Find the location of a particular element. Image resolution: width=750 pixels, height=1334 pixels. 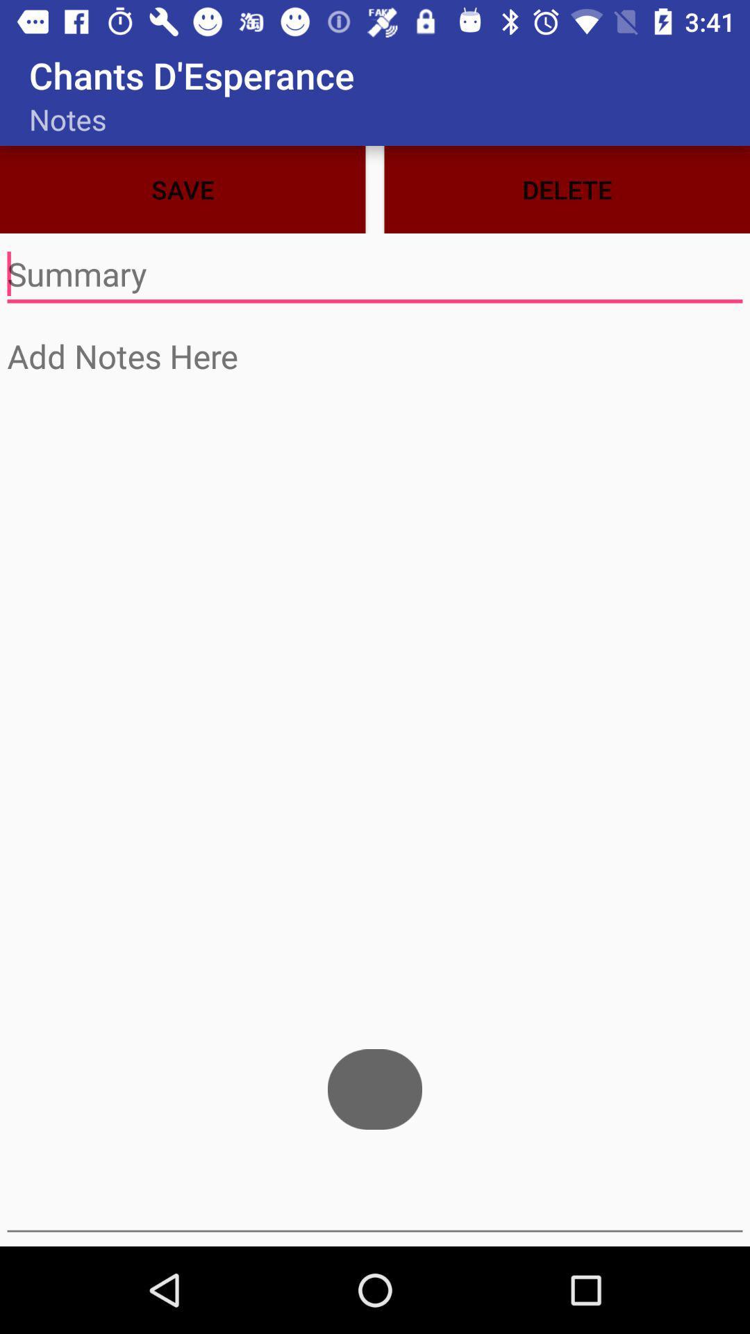

save is located at coordinates (375, 274).